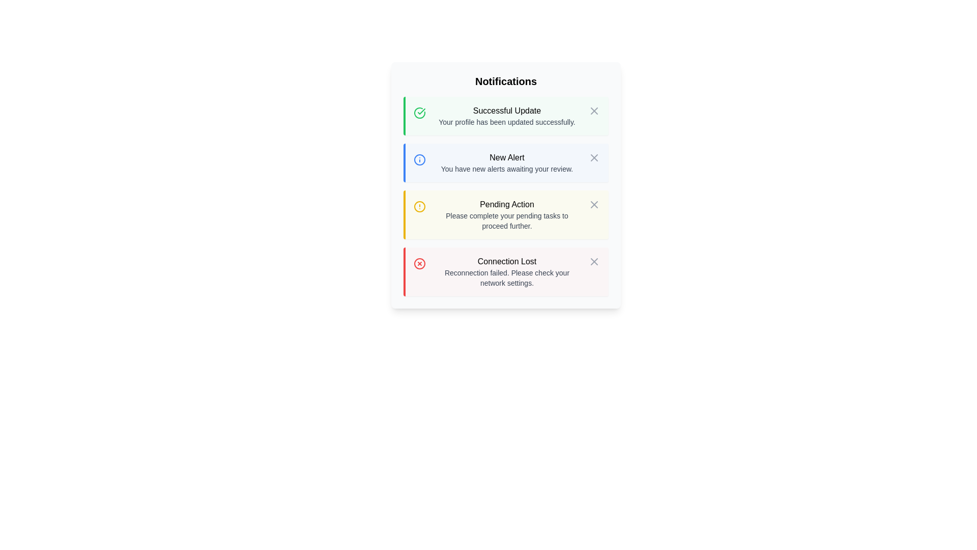 The height and width of the screenshot is (550, 977). I want to click on the dismiss button located at the top right corner of the first notification, adjacent to the 'Successful Update' message to change its visual state, so click(594, 111).